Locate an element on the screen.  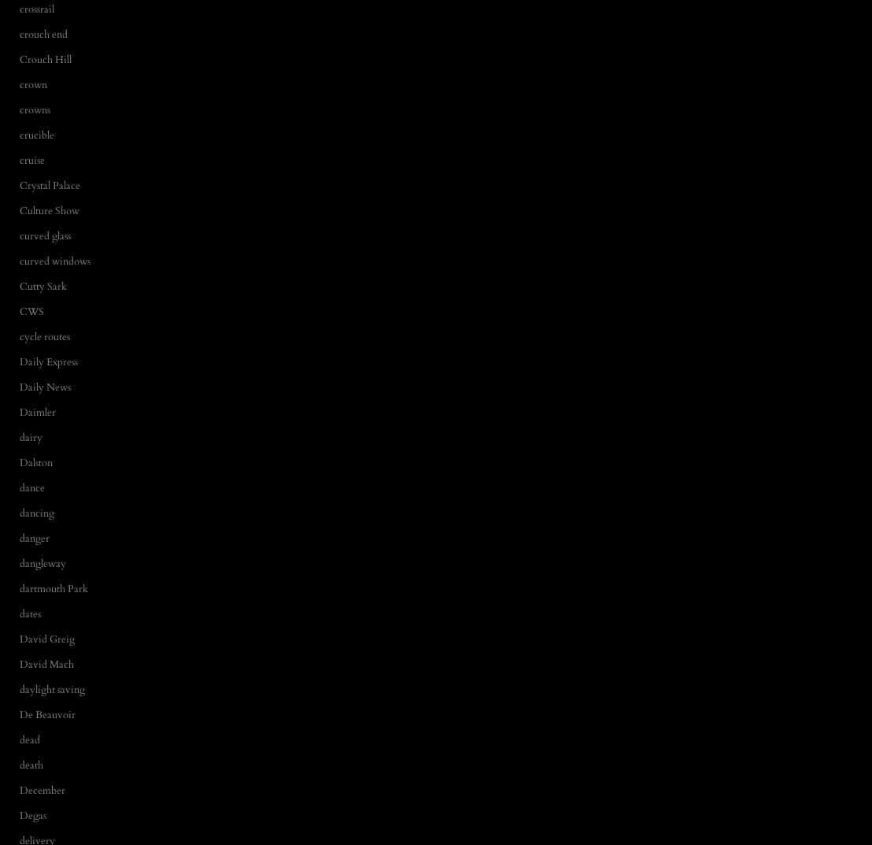
'Crystal Palace' is located at coordinates (20, 184).